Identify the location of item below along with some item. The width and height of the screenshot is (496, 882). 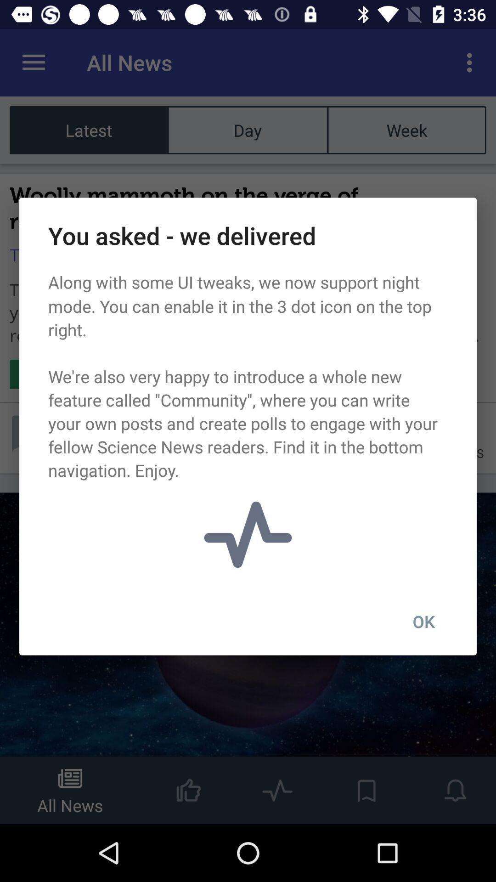
(423, 622).